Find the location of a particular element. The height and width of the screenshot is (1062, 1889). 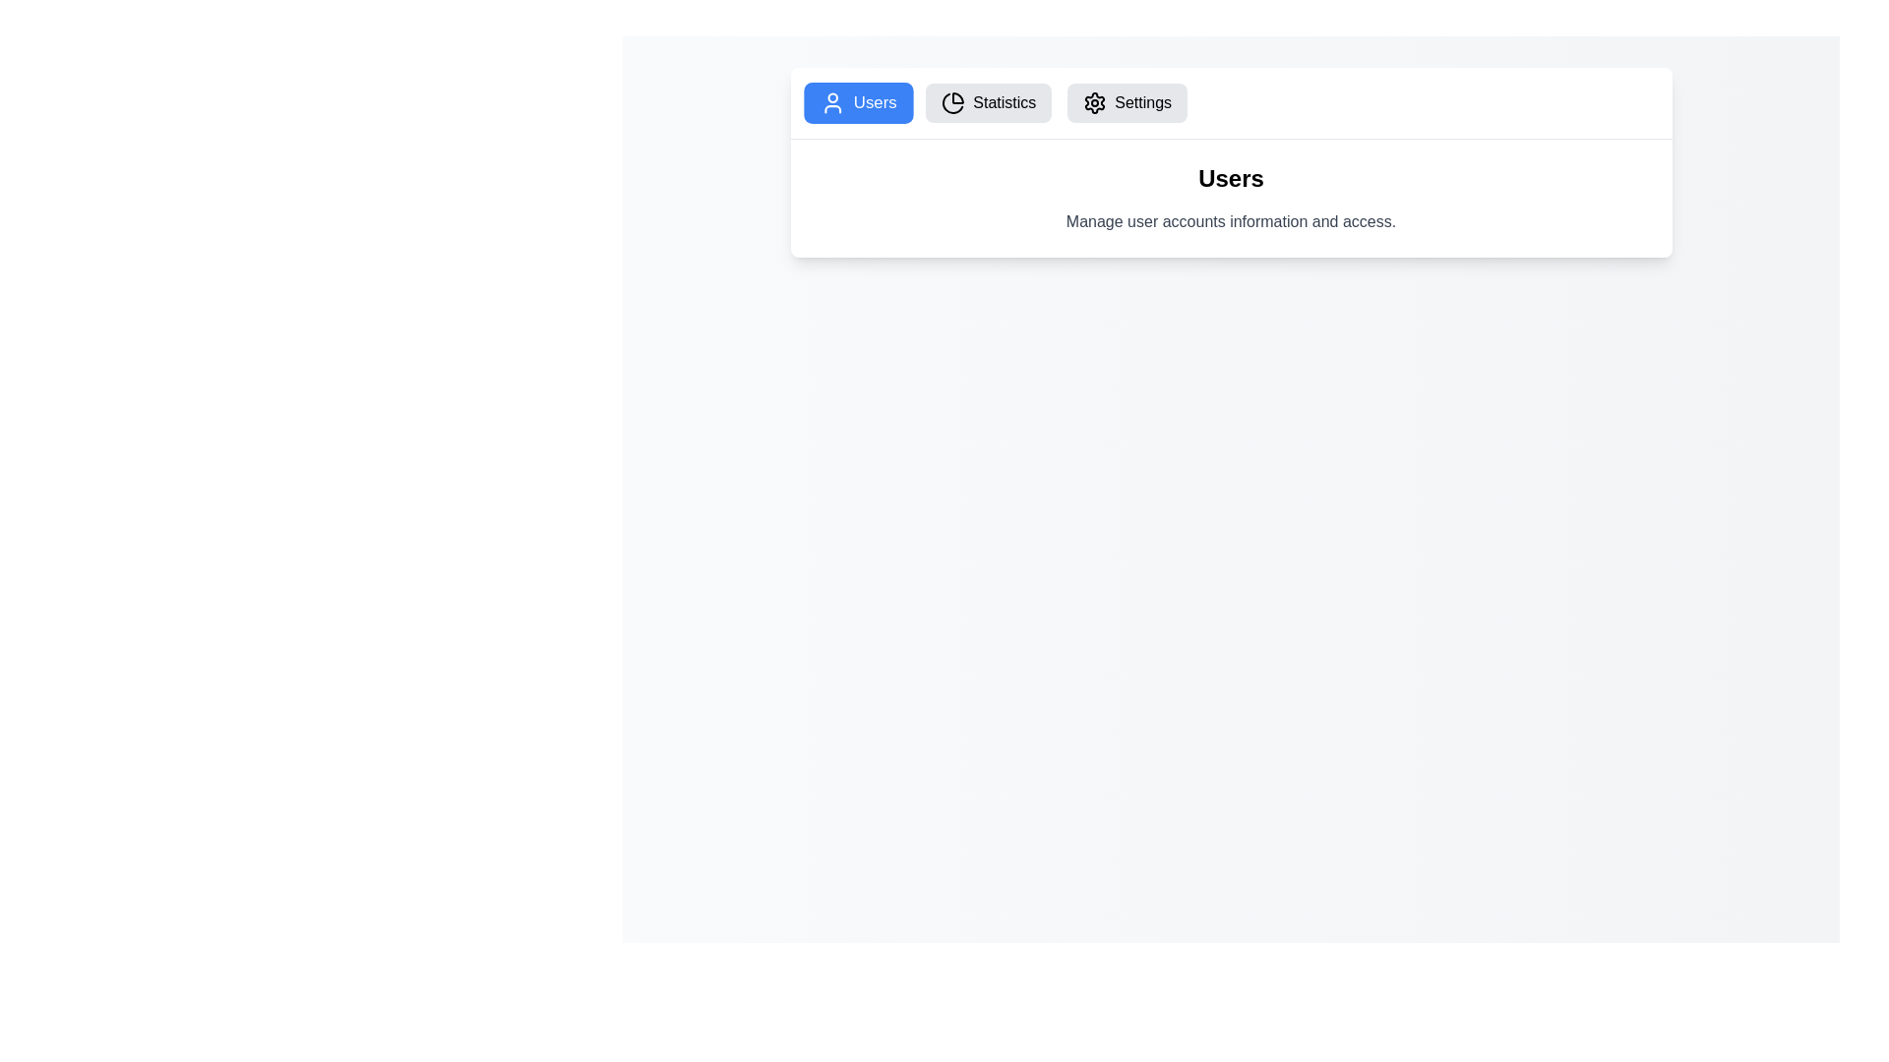

the 'Statistics' text label within the interactive button located is located at coordinates (1005, 102).